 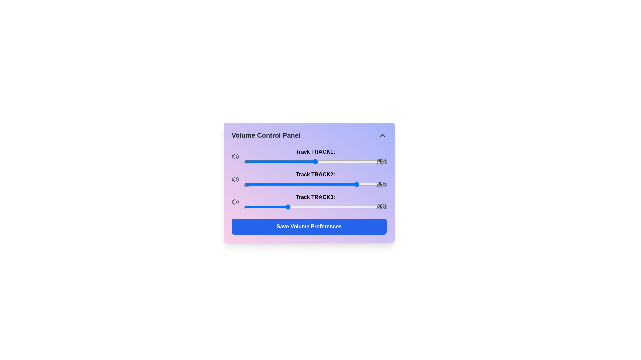 What do you see at coordinates (315, 208) in the screenshot?
I see `the textual indicators '0%' and '100%' located at the ends of the slider bar for 'Track TRACK3', positioned below its label` at bounding box center [315, 208].